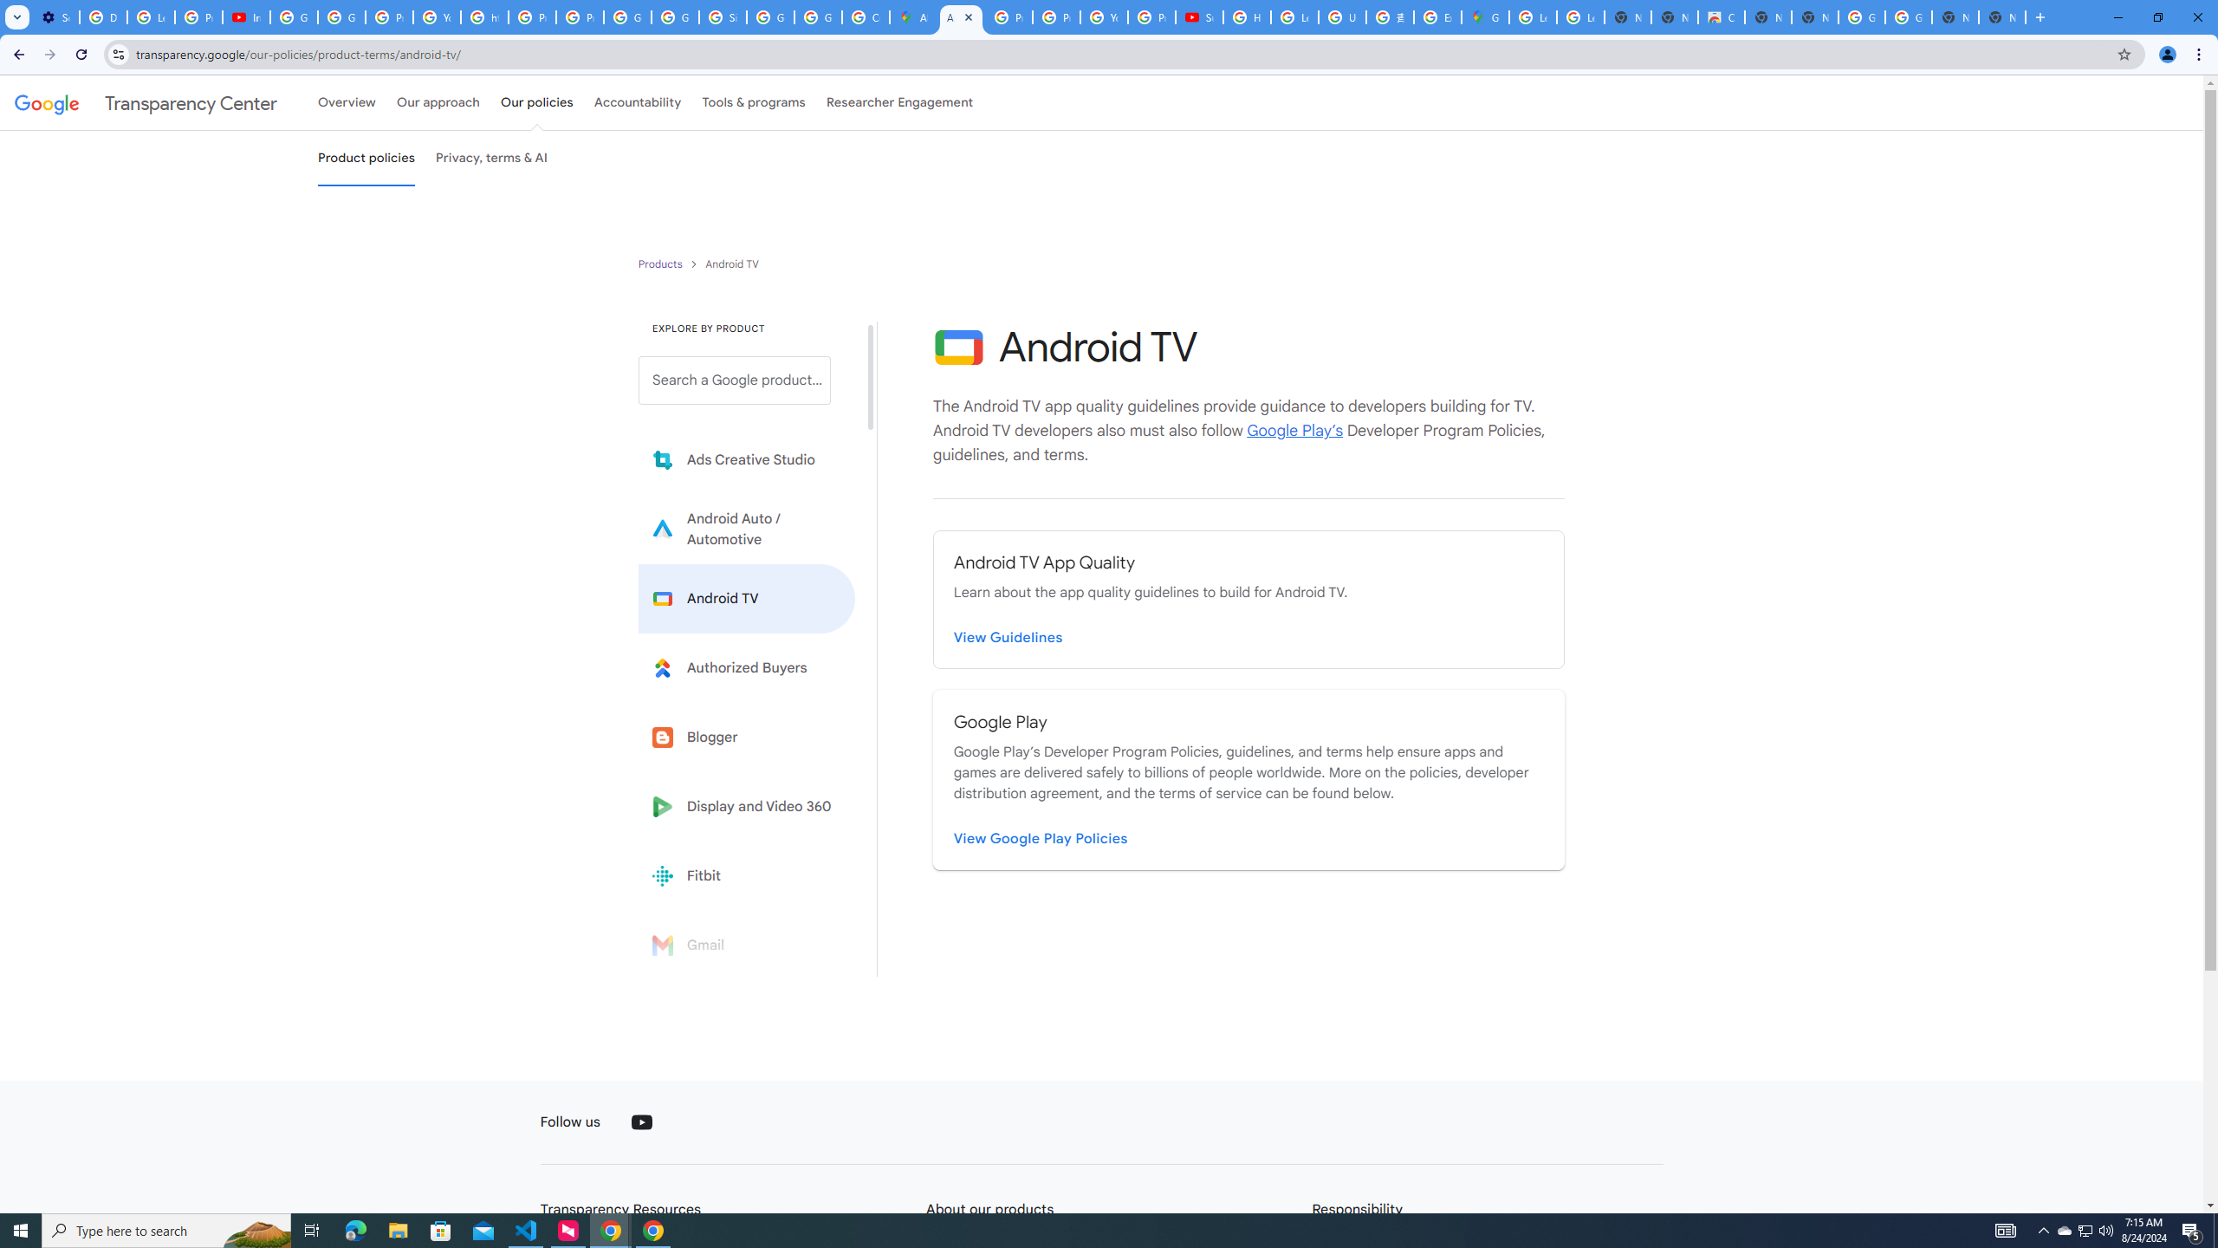  Describe the element at coordinates (637, 102) in the screenshot. I see `'Accountability'` at that location.